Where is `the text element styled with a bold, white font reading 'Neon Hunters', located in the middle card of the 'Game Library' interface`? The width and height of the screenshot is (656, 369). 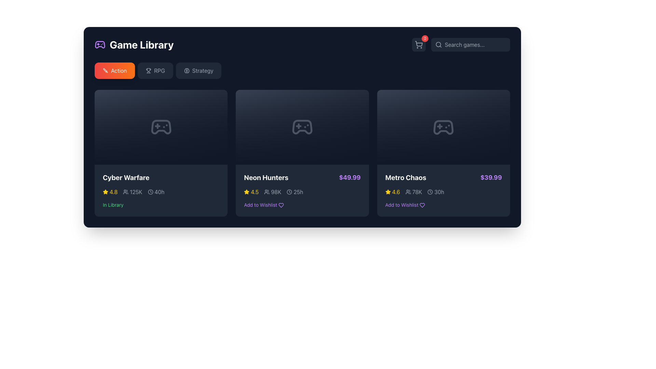 the text element styled with a bold, white font reading 'Neon Hunters', located in the middle card of the 'Game Library' interface is located at coordinates (266, 177).